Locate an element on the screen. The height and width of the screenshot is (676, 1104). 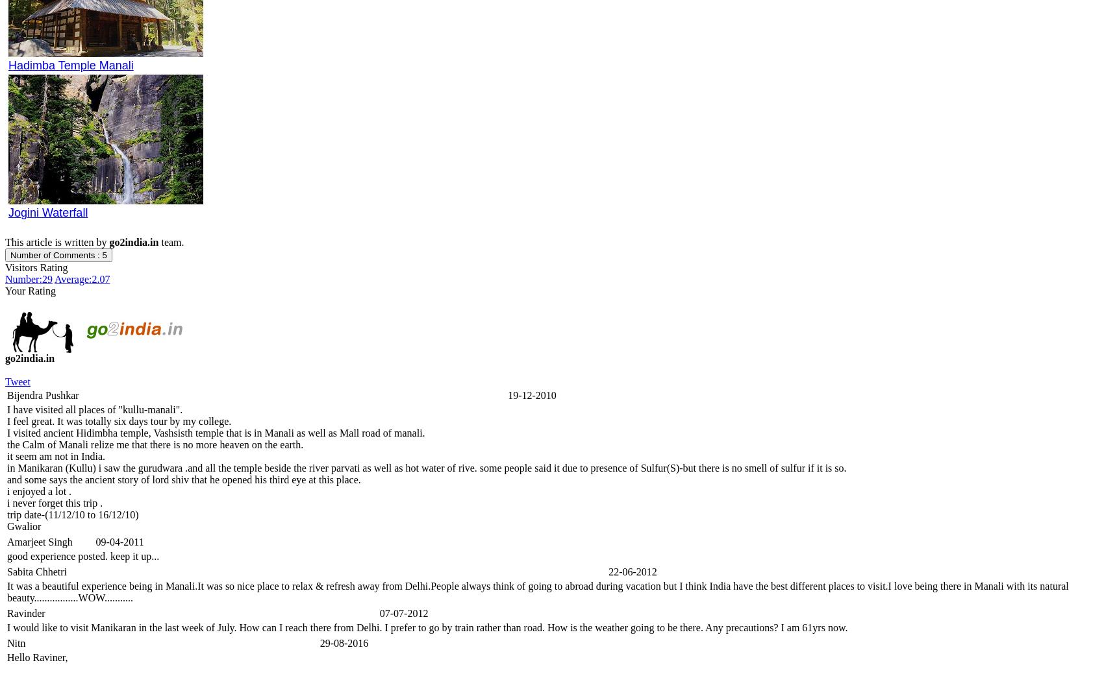
'It was a beautiful experience being in Manali.It was so nice place to relax & refresh away from Delhi.People always think of going to abroad during vacation but I think India have the best different places to visit.I love being there in Manali with its natural beauty.................WOW...........' is located at coordinates (537, 591).